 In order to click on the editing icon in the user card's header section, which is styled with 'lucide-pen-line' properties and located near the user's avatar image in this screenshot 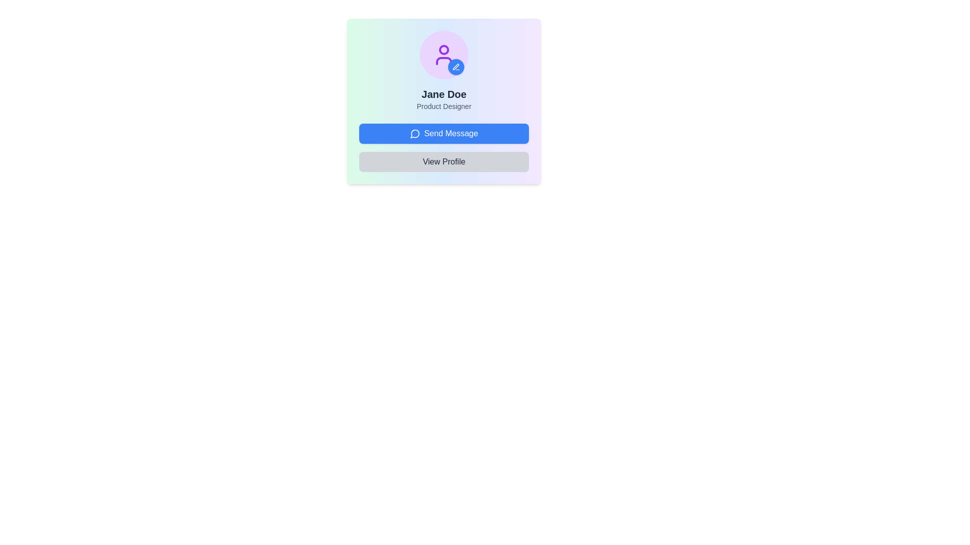, I will do `click(455, 67)`.